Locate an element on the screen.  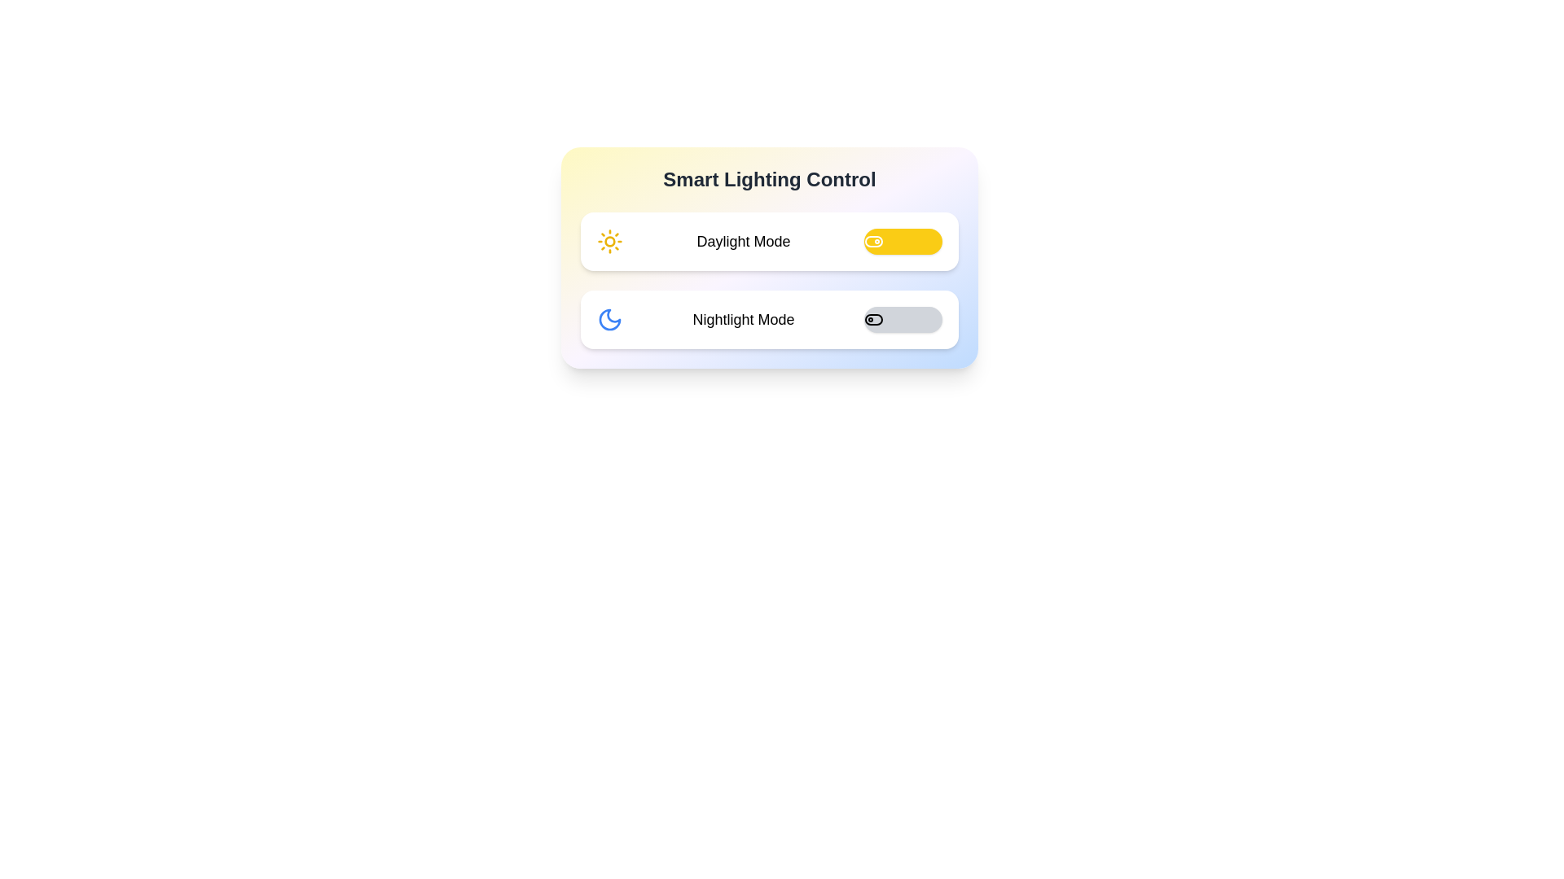
the toggle switch for 'Daylight Mode' in the Smart Lighting Control panel is located at coordinates (873, 242).